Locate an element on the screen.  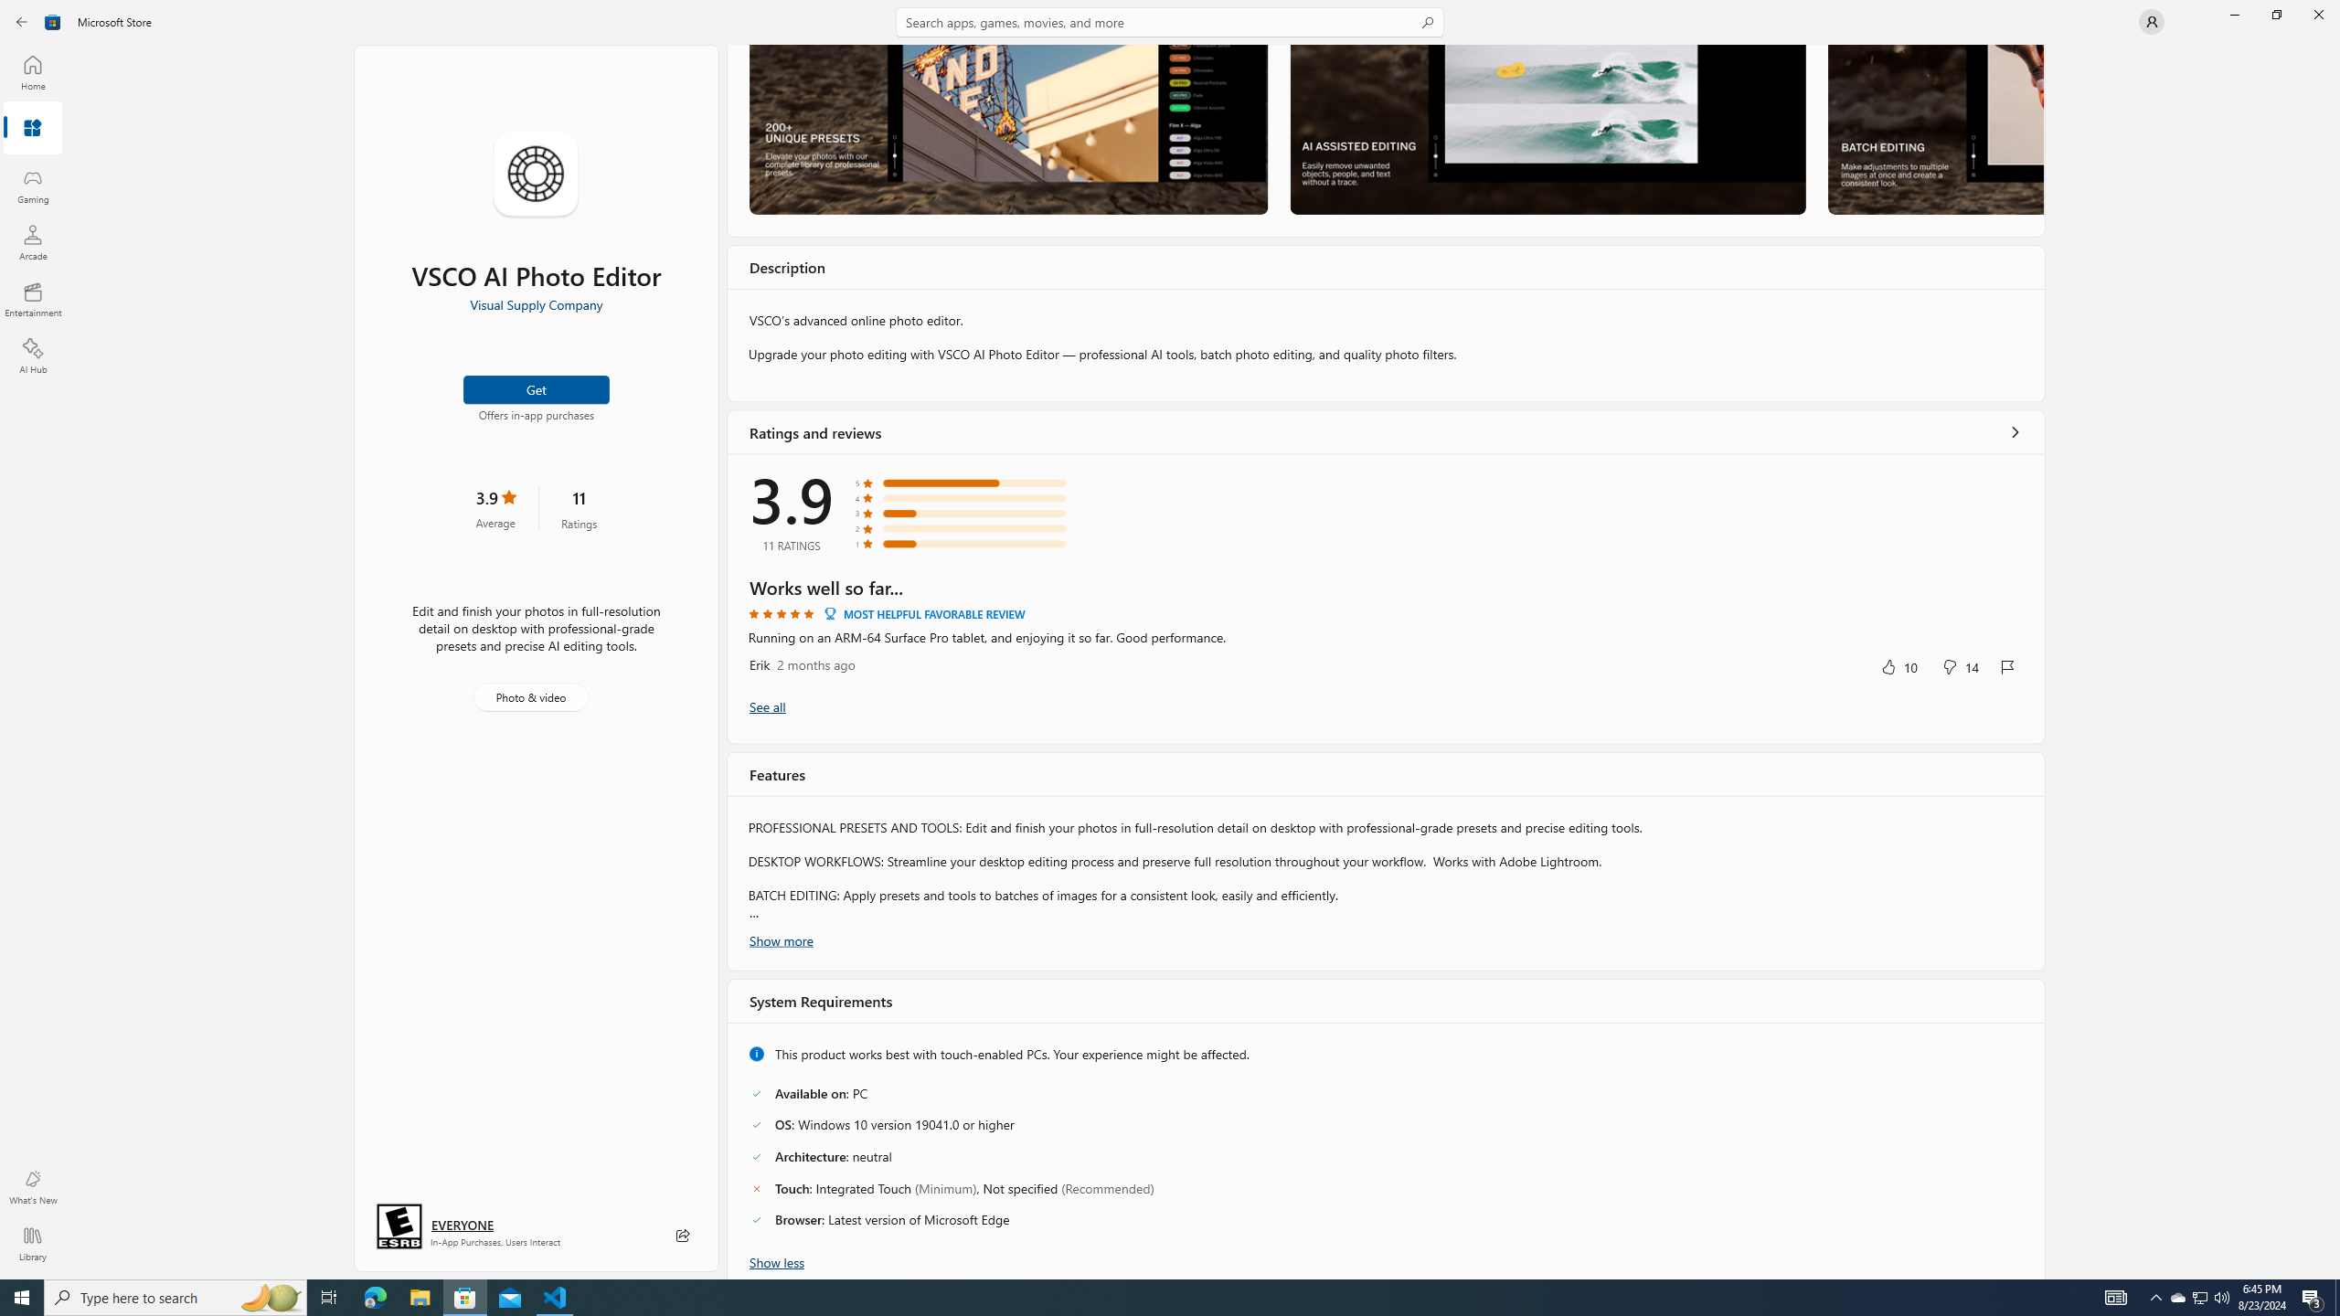
'Show less' is located at coordinates (775, 1260).